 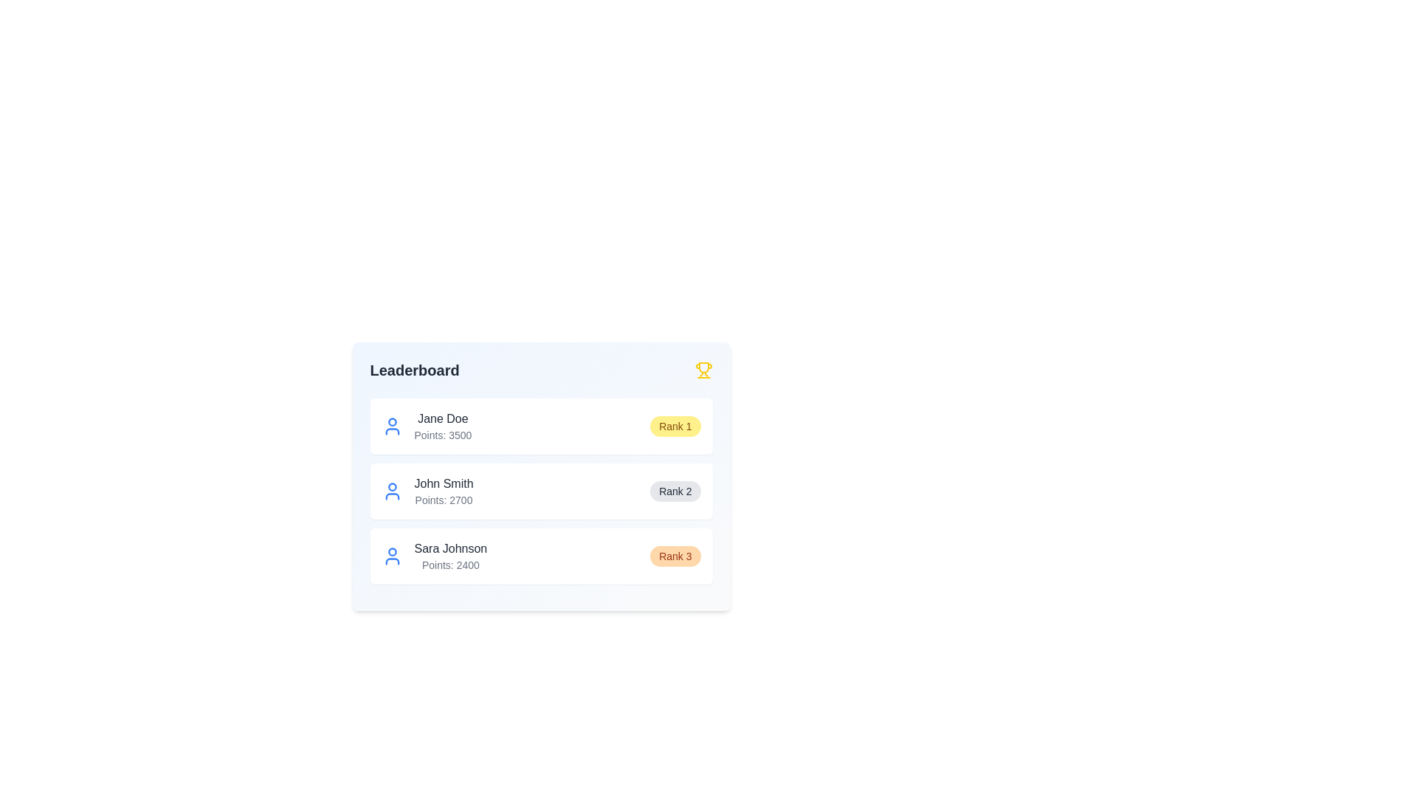 I want to click on text element displaying the name 'John Smith' located in the second entry of the leaderboard, positioned between the user icon and the 'Points: 2700' text, so click(x=443, y=483).